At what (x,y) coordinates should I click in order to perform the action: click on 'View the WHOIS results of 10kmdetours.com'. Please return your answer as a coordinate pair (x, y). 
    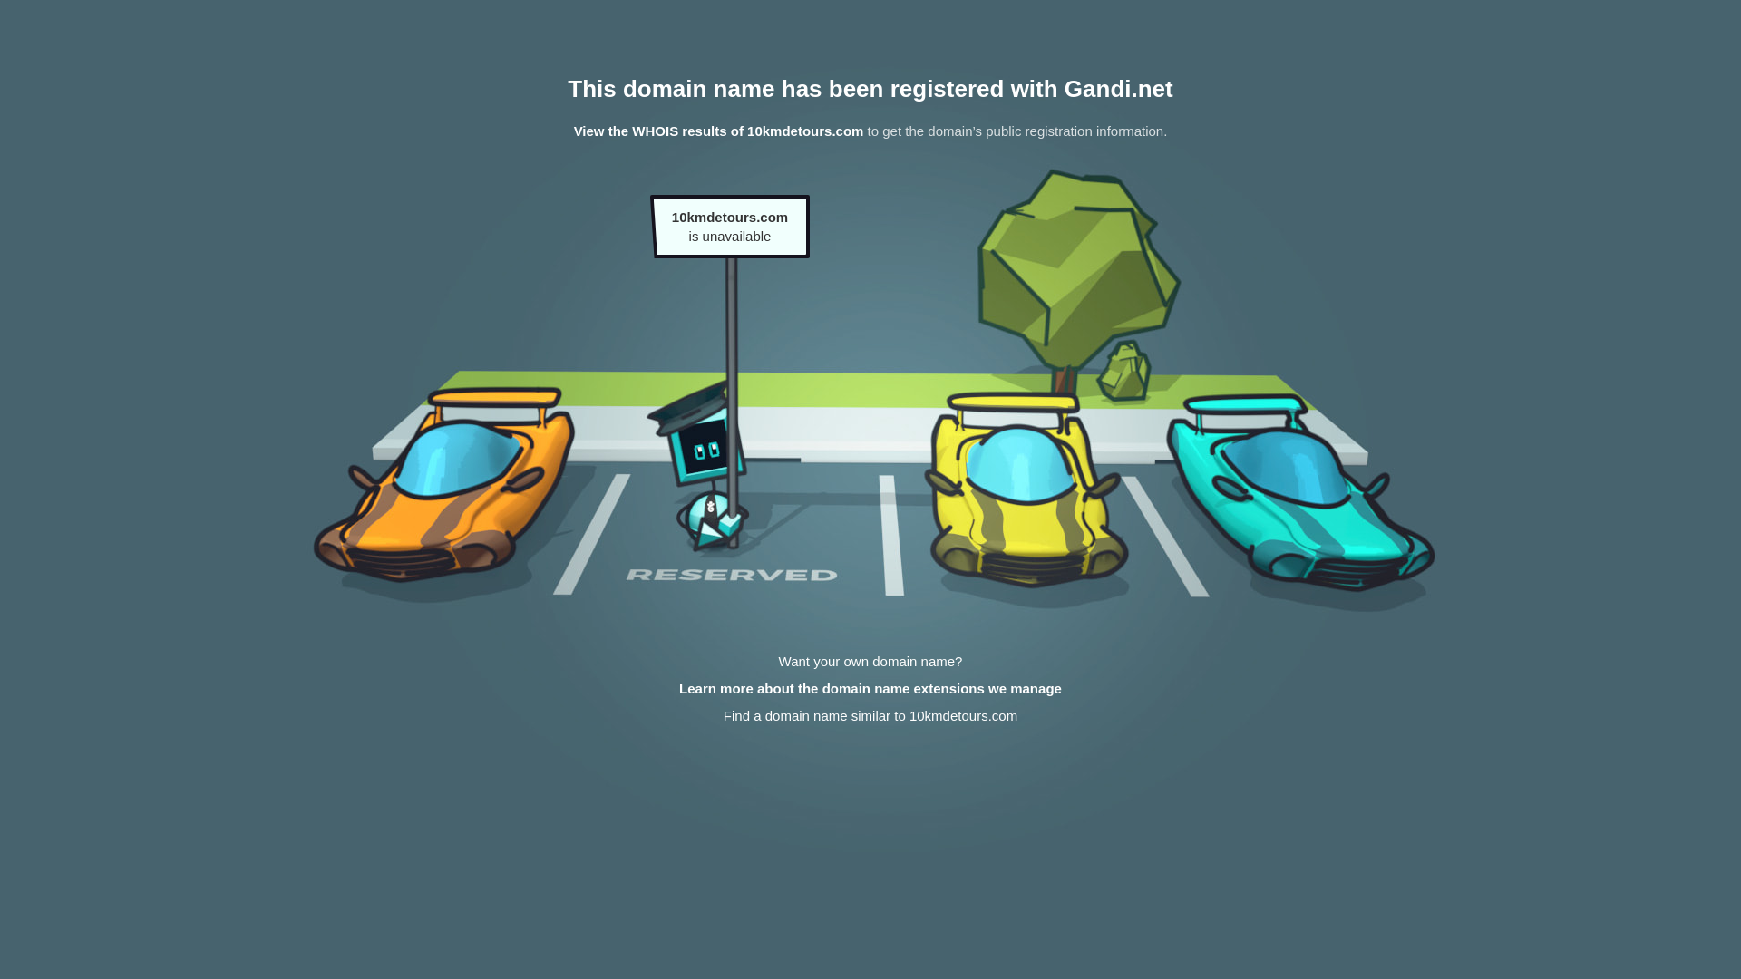
    Looking at the image, I should click on (717, 130).